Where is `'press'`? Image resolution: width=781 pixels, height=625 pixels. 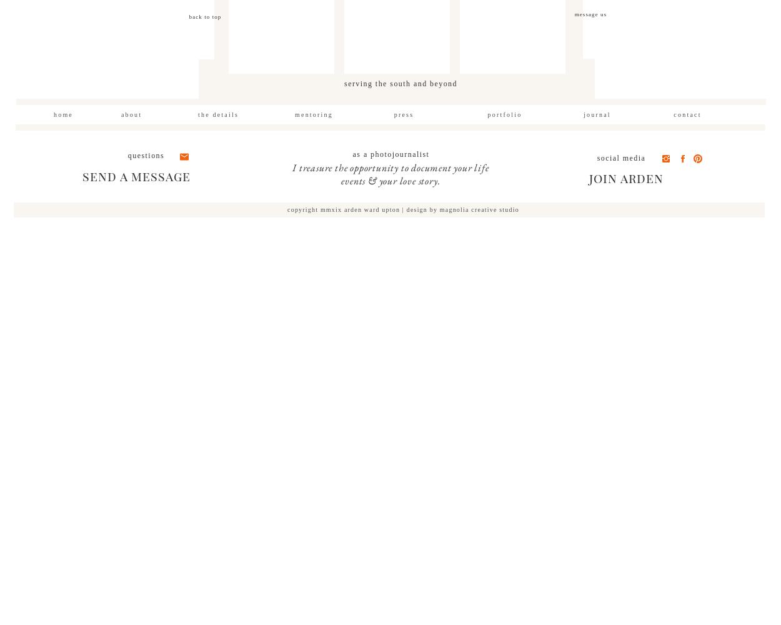
'press' is located at coordinates (404, 114).